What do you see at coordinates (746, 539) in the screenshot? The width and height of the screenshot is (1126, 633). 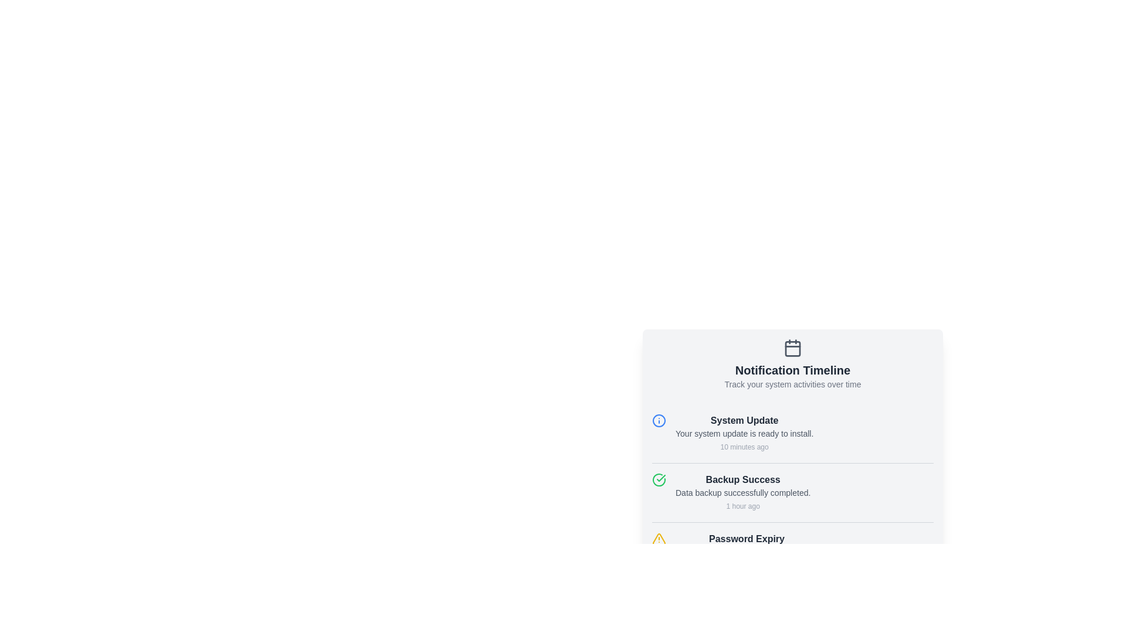 I see `text label titled 'Password Expiry' located at the upper-left corner of the 'Notification Timeline' interface, which serves as a header for the specific notification` at bounding box center [746, 539].